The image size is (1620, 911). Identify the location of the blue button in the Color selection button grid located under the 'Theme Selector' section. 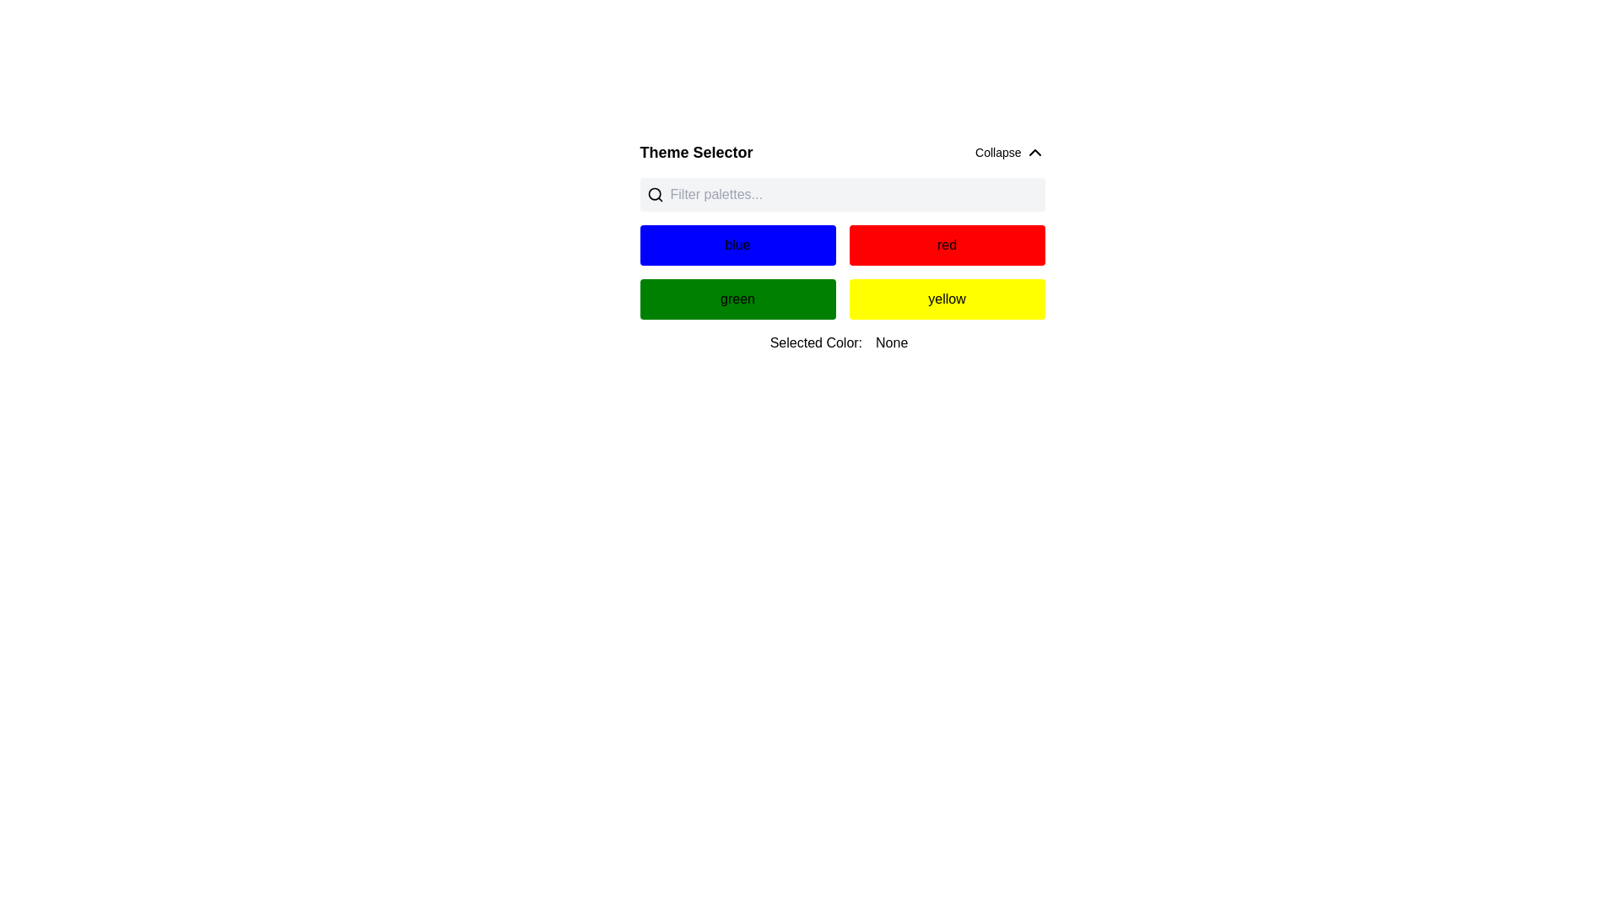
(842, 247).